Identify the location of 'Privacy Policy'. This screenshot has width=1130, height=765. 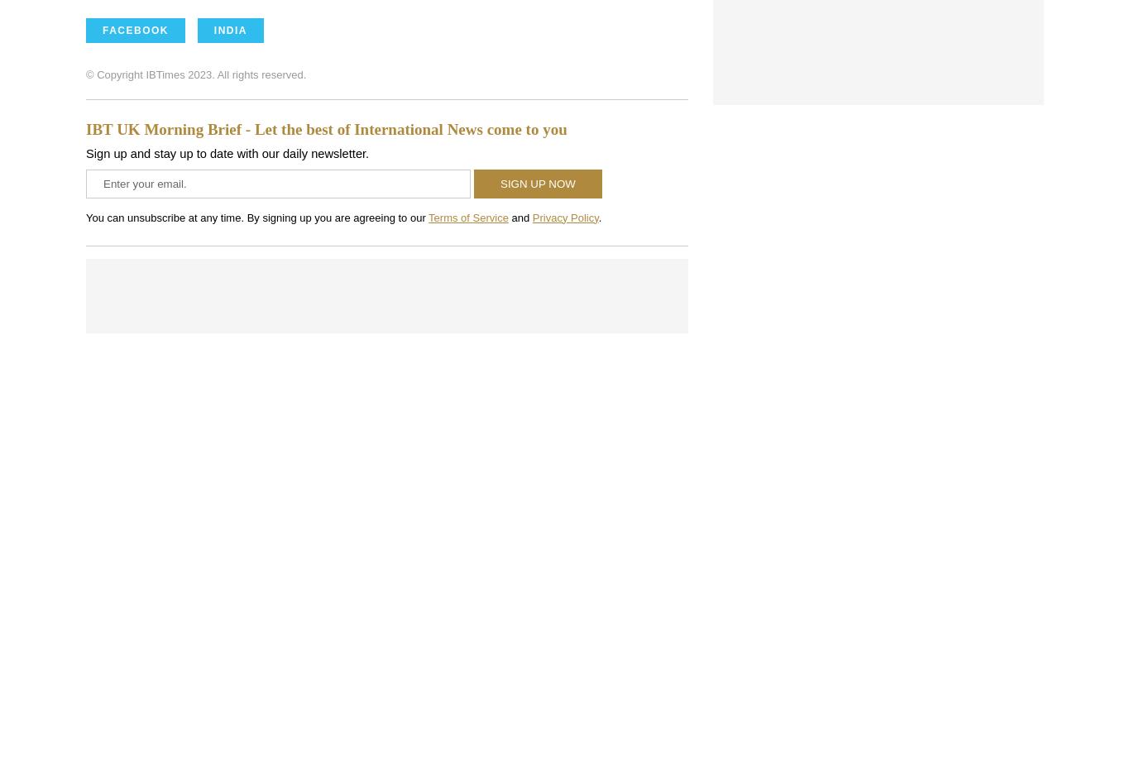
(565, 216).